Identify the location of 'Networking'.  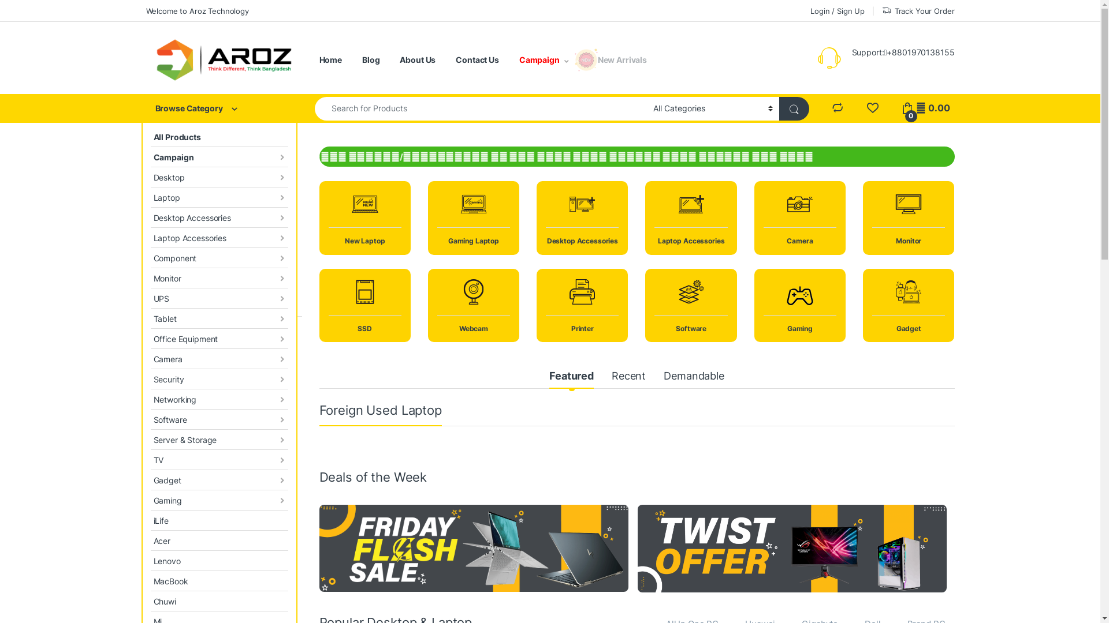
(219, 399).